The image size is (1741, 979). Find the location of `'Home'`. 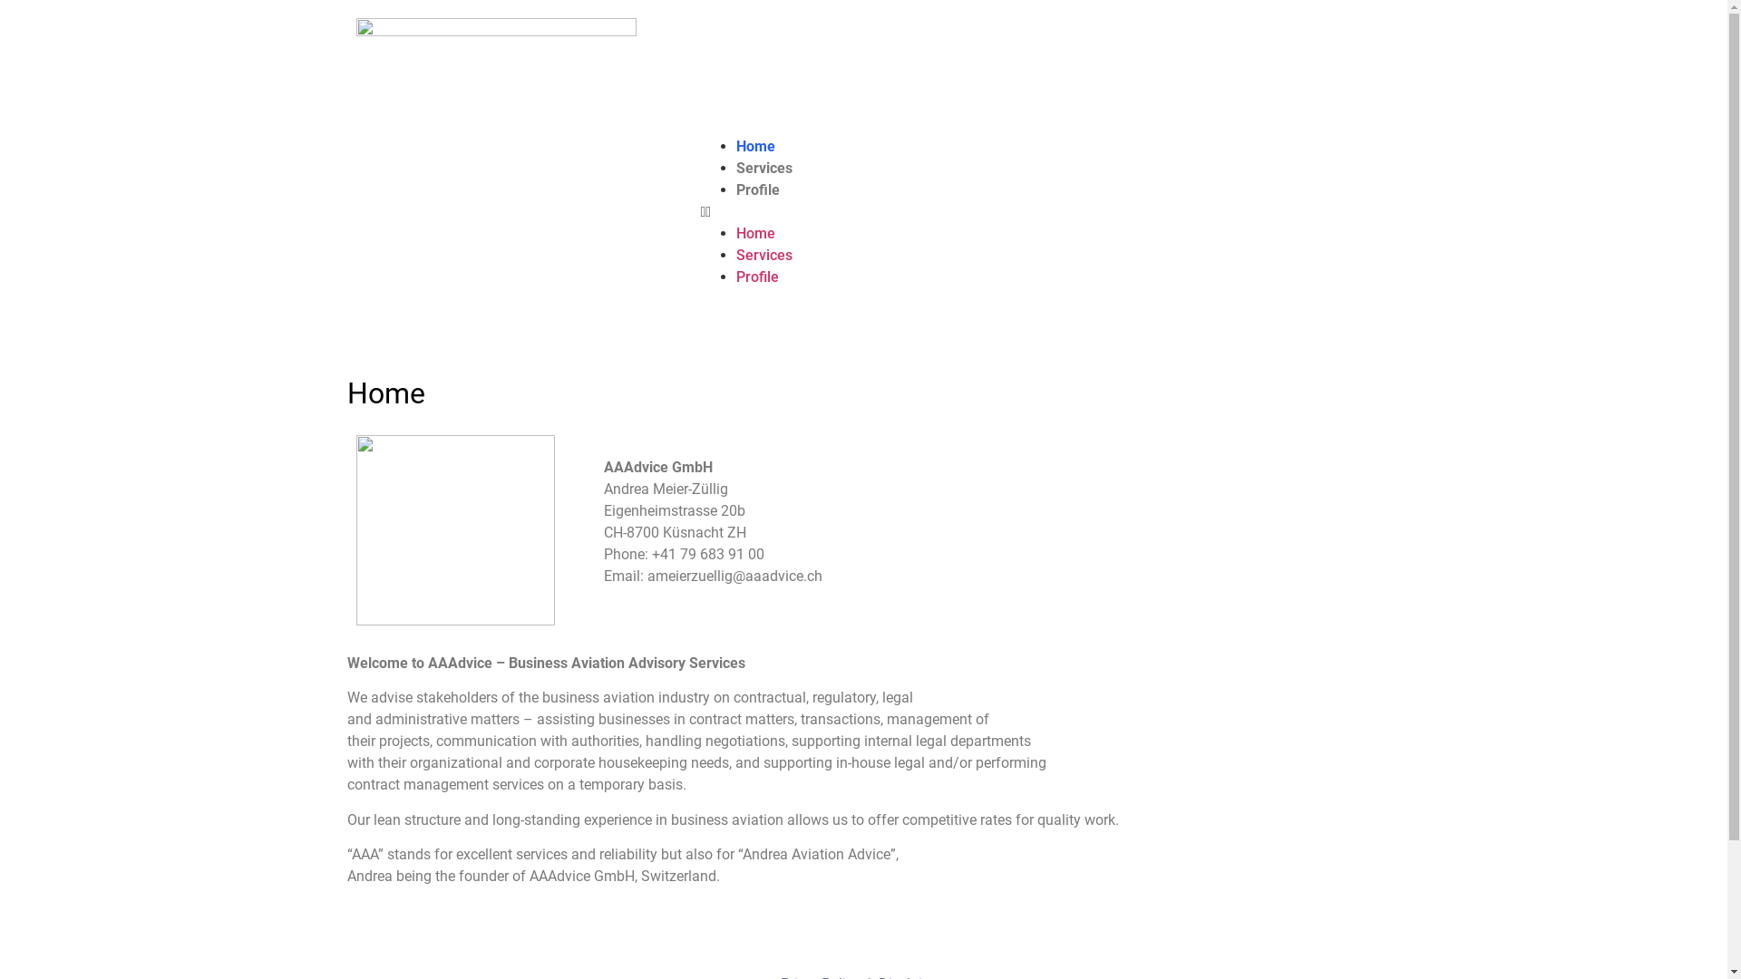

'Home' is located at coordinates (735, 232).